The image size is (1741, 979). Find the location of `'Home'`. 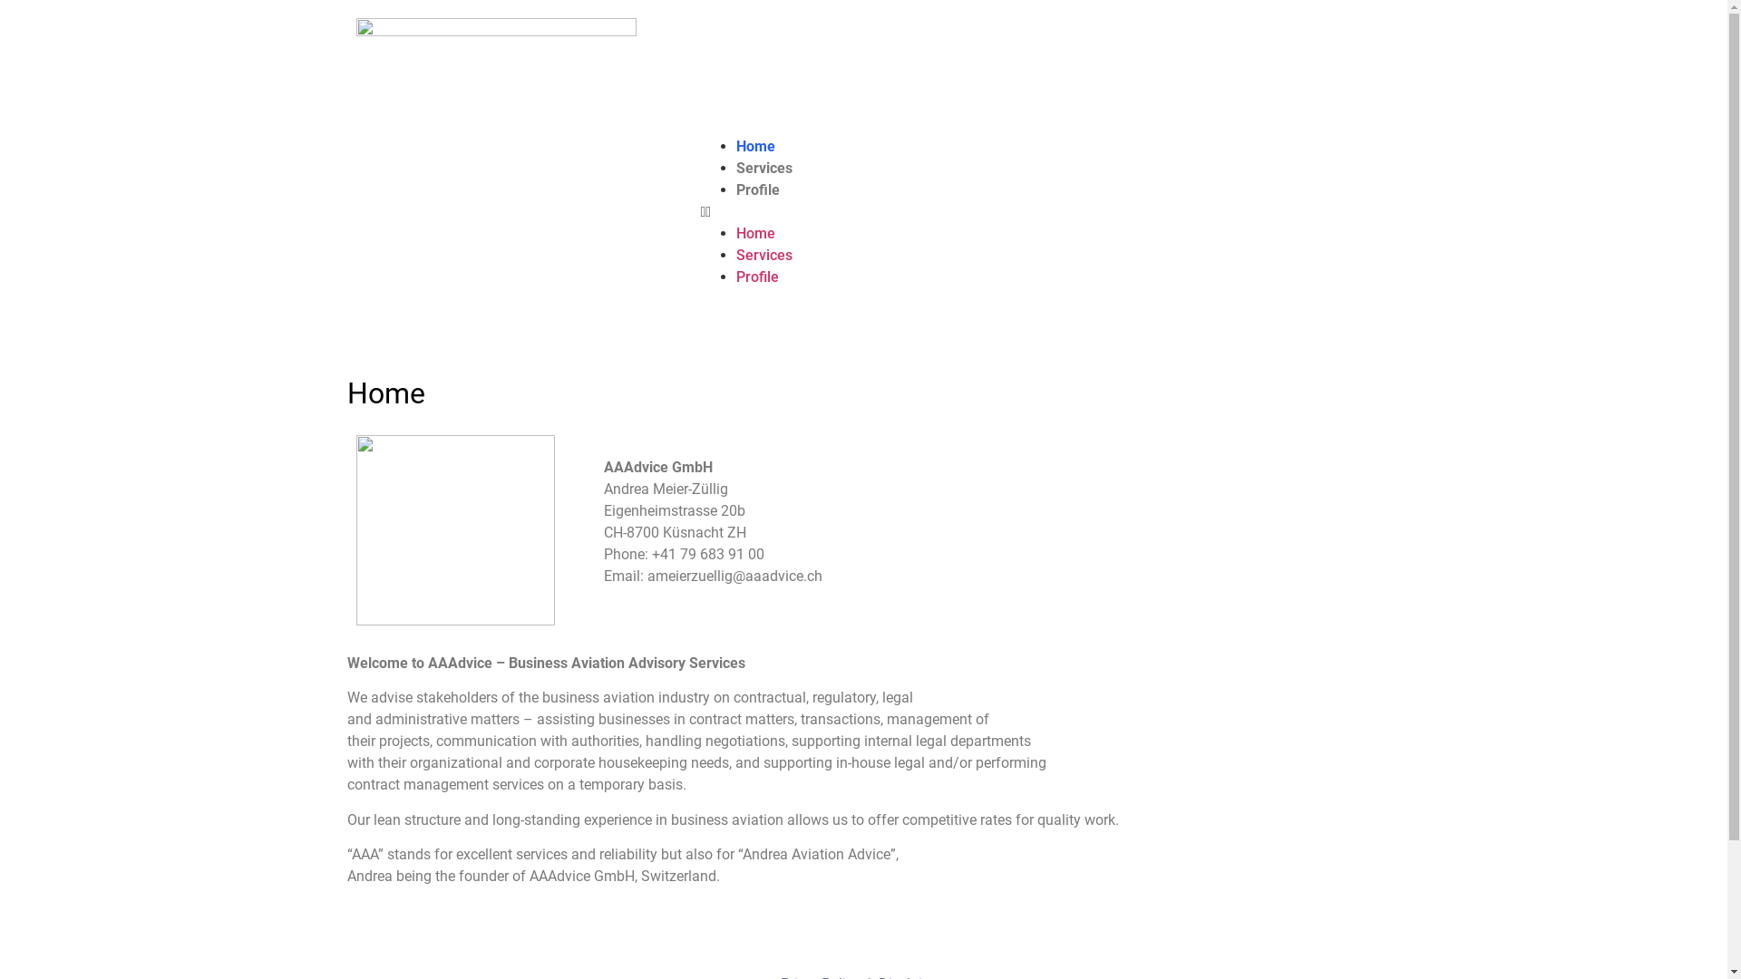

'Home' is located at coordinates (735, 232).